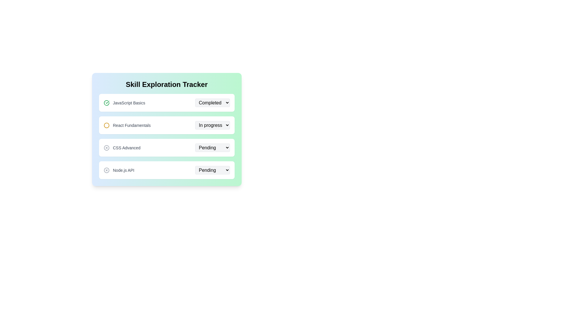 The height and width of the screenshot is (315, 561). I want to click on the dropdown menu for selecting the status of 'JavaScript Basics' in the 'Skill Exploration Tracker' section, so click(212, 102).